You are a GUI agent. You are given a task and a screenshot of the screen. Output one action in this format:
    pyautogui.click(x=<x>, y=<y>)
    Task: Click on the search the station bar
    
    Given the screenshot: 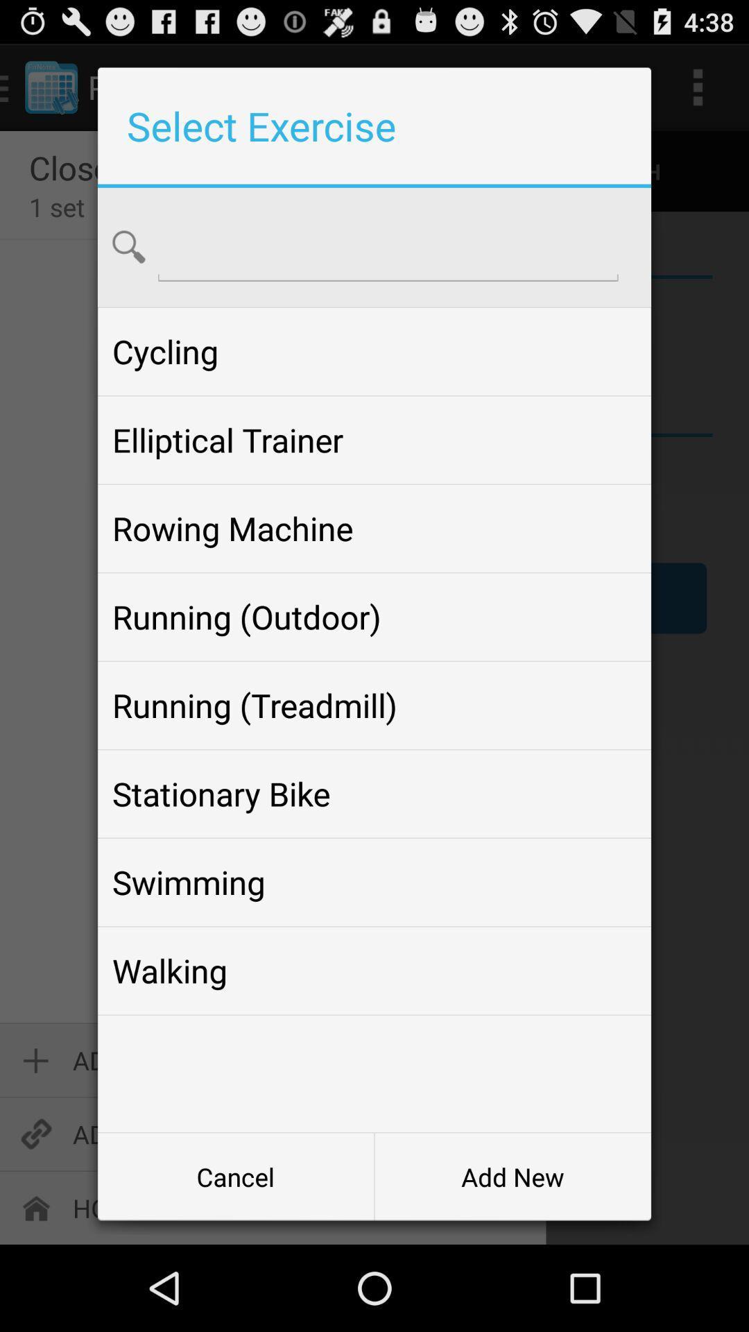 What is the action you would take?
    pyautogui.click(x=388, y=246)
    